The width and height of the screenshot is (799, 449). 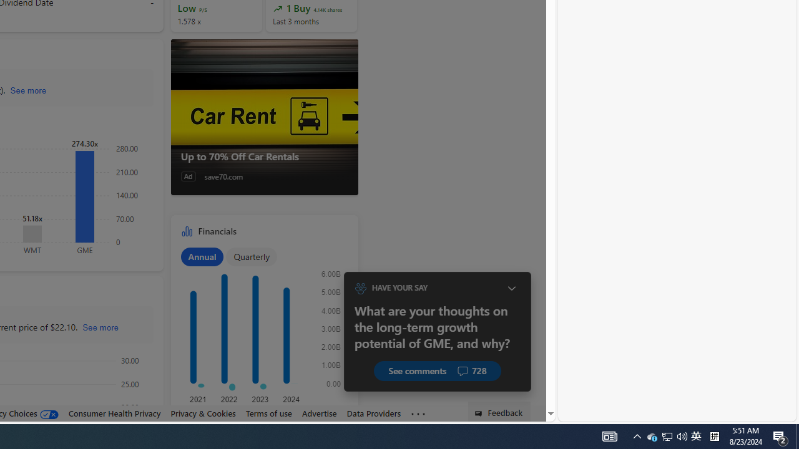 I want to click on 'Class: chartOuter-DS-EntryPoint1-1', so click(x=261, y=332).